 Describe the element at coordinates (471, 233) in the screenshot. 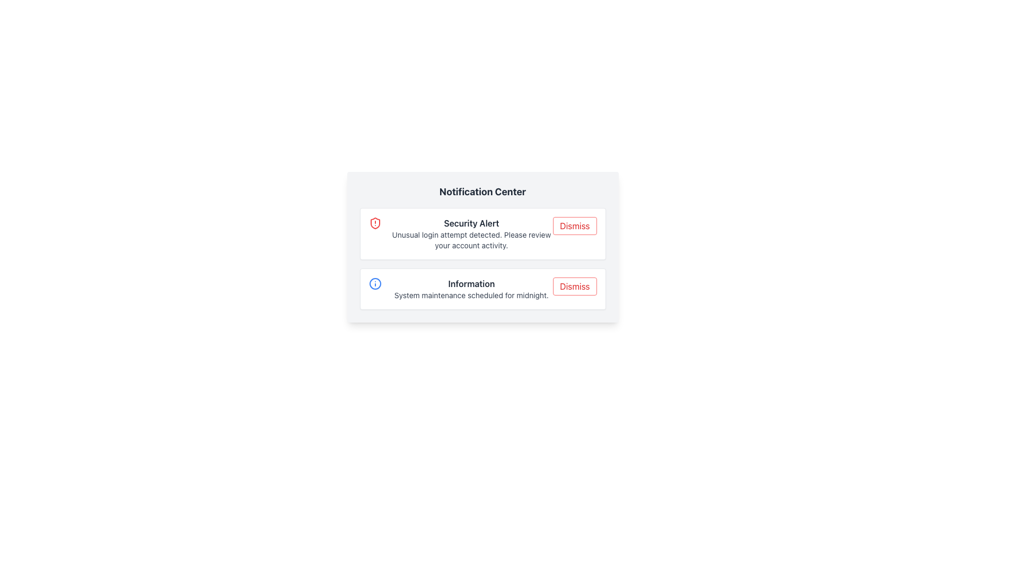

I see `notification message displayed in the first notification card of the Notification Center, which alerts users about a detected security alert and prompts them to review their account activity` at that location.